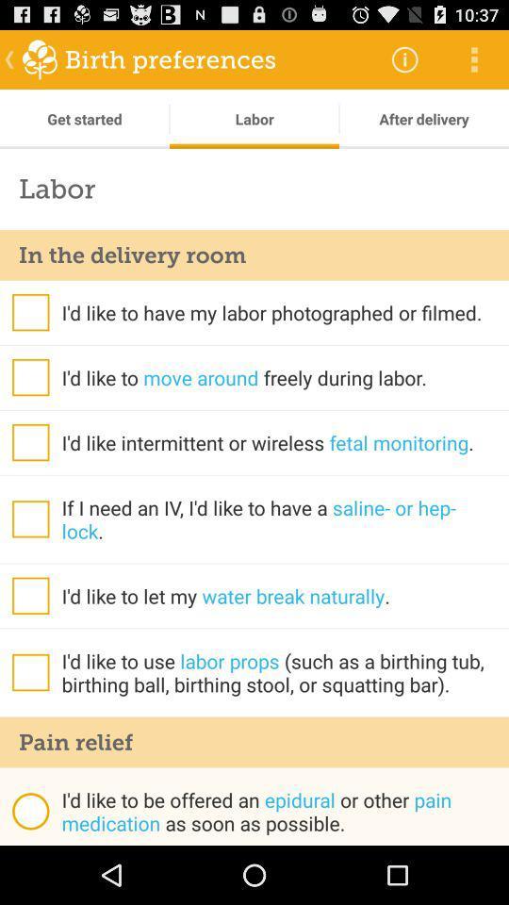 This screenshot has height=905, width=509. I want to click on option, so click(29, 442).